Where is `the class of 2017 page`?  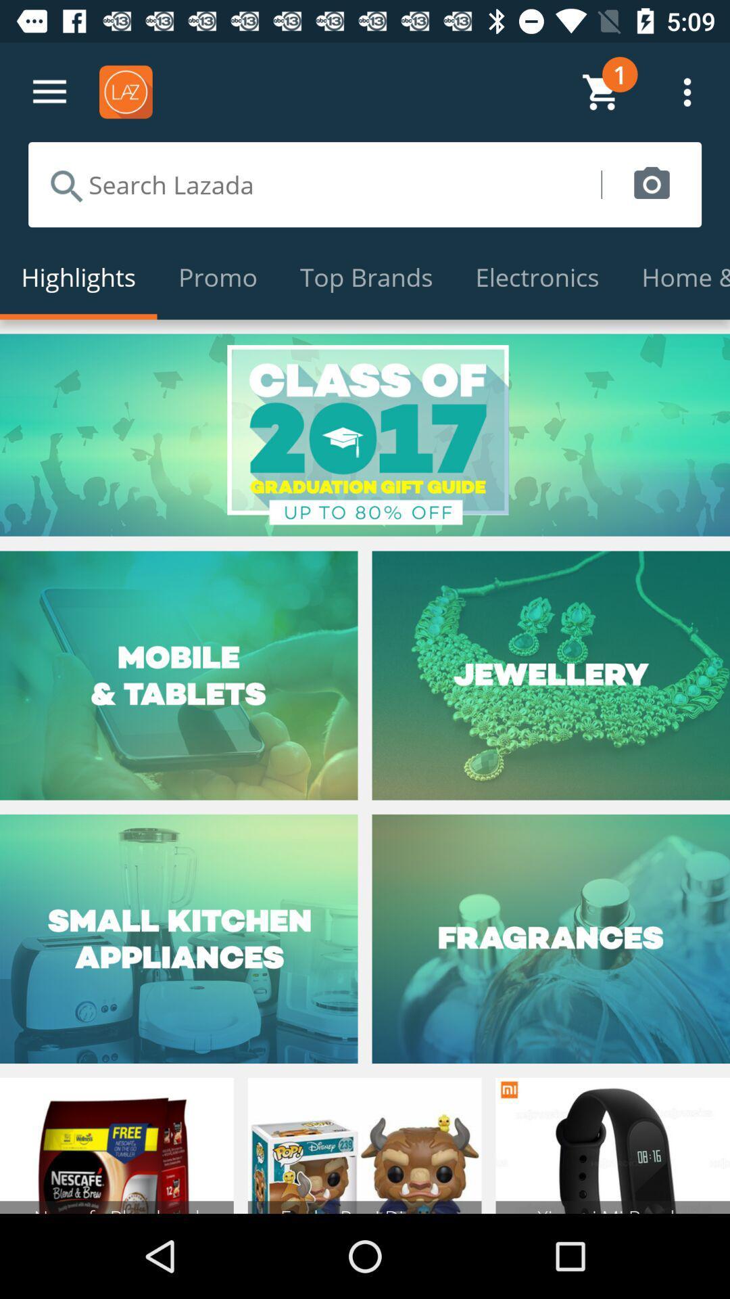 the class of 2017 page is located at coordinates (365, 435).